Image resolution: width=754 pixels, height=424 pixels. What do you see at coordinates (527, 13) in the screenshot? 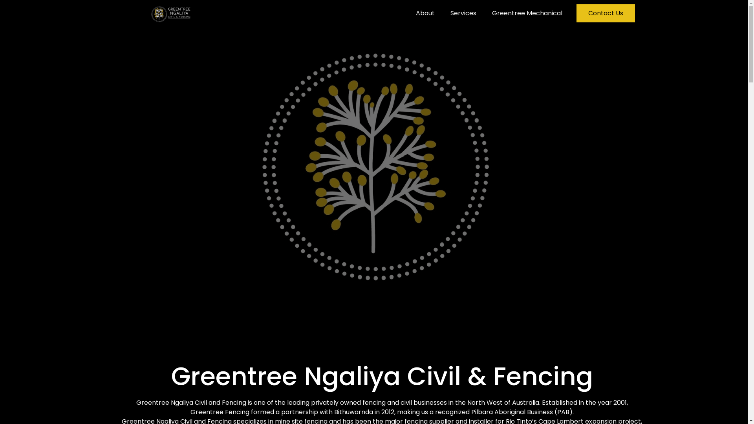
I see `'Greentree Mechanical'` at bounding box center [527, 13].